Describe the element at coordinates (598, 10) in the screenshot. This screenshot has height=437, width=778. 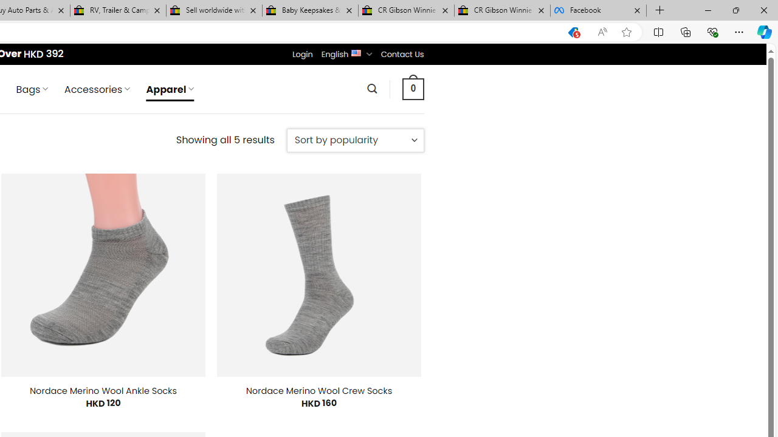
I see `'Facebook'` at that location.